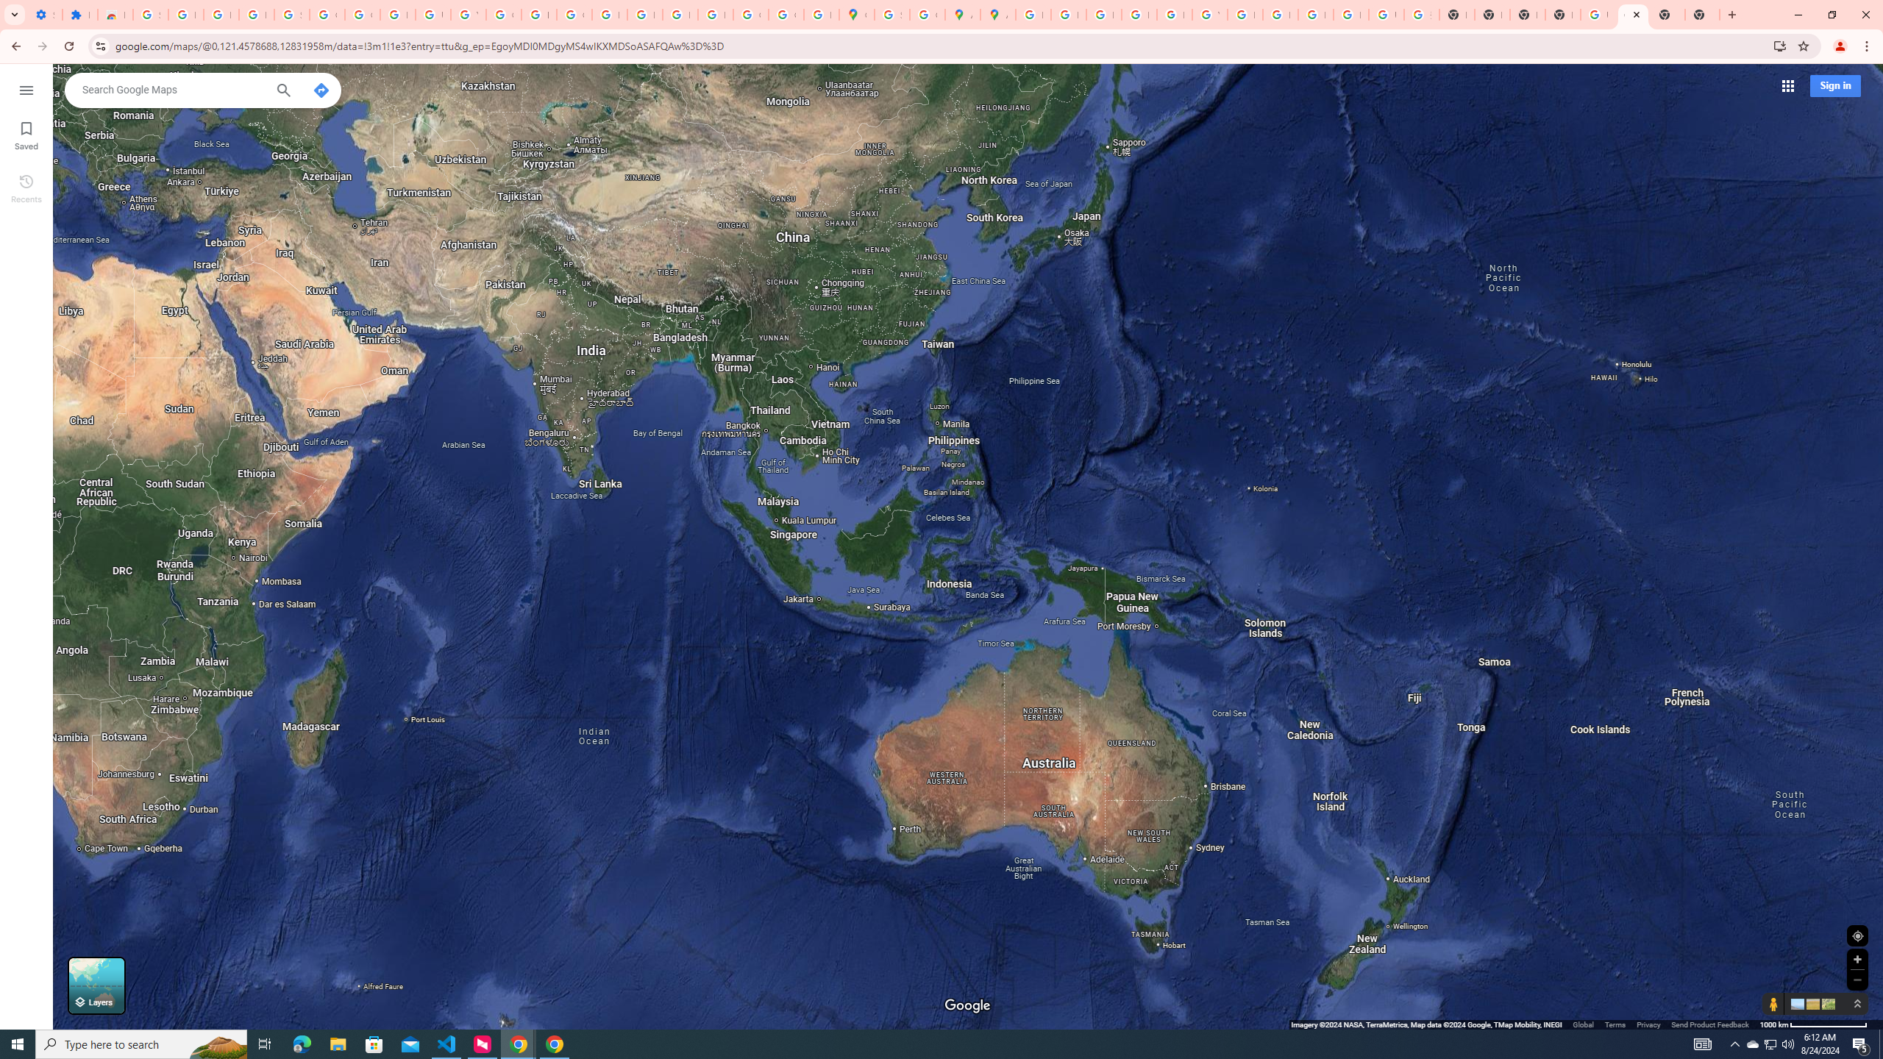 The height and width of the screenshot is (1059, 1883). Describe the element at coordinates (220, 14) in the screenshot. I see `'Learn how to find your photos - Google Photos Help'` at that location.